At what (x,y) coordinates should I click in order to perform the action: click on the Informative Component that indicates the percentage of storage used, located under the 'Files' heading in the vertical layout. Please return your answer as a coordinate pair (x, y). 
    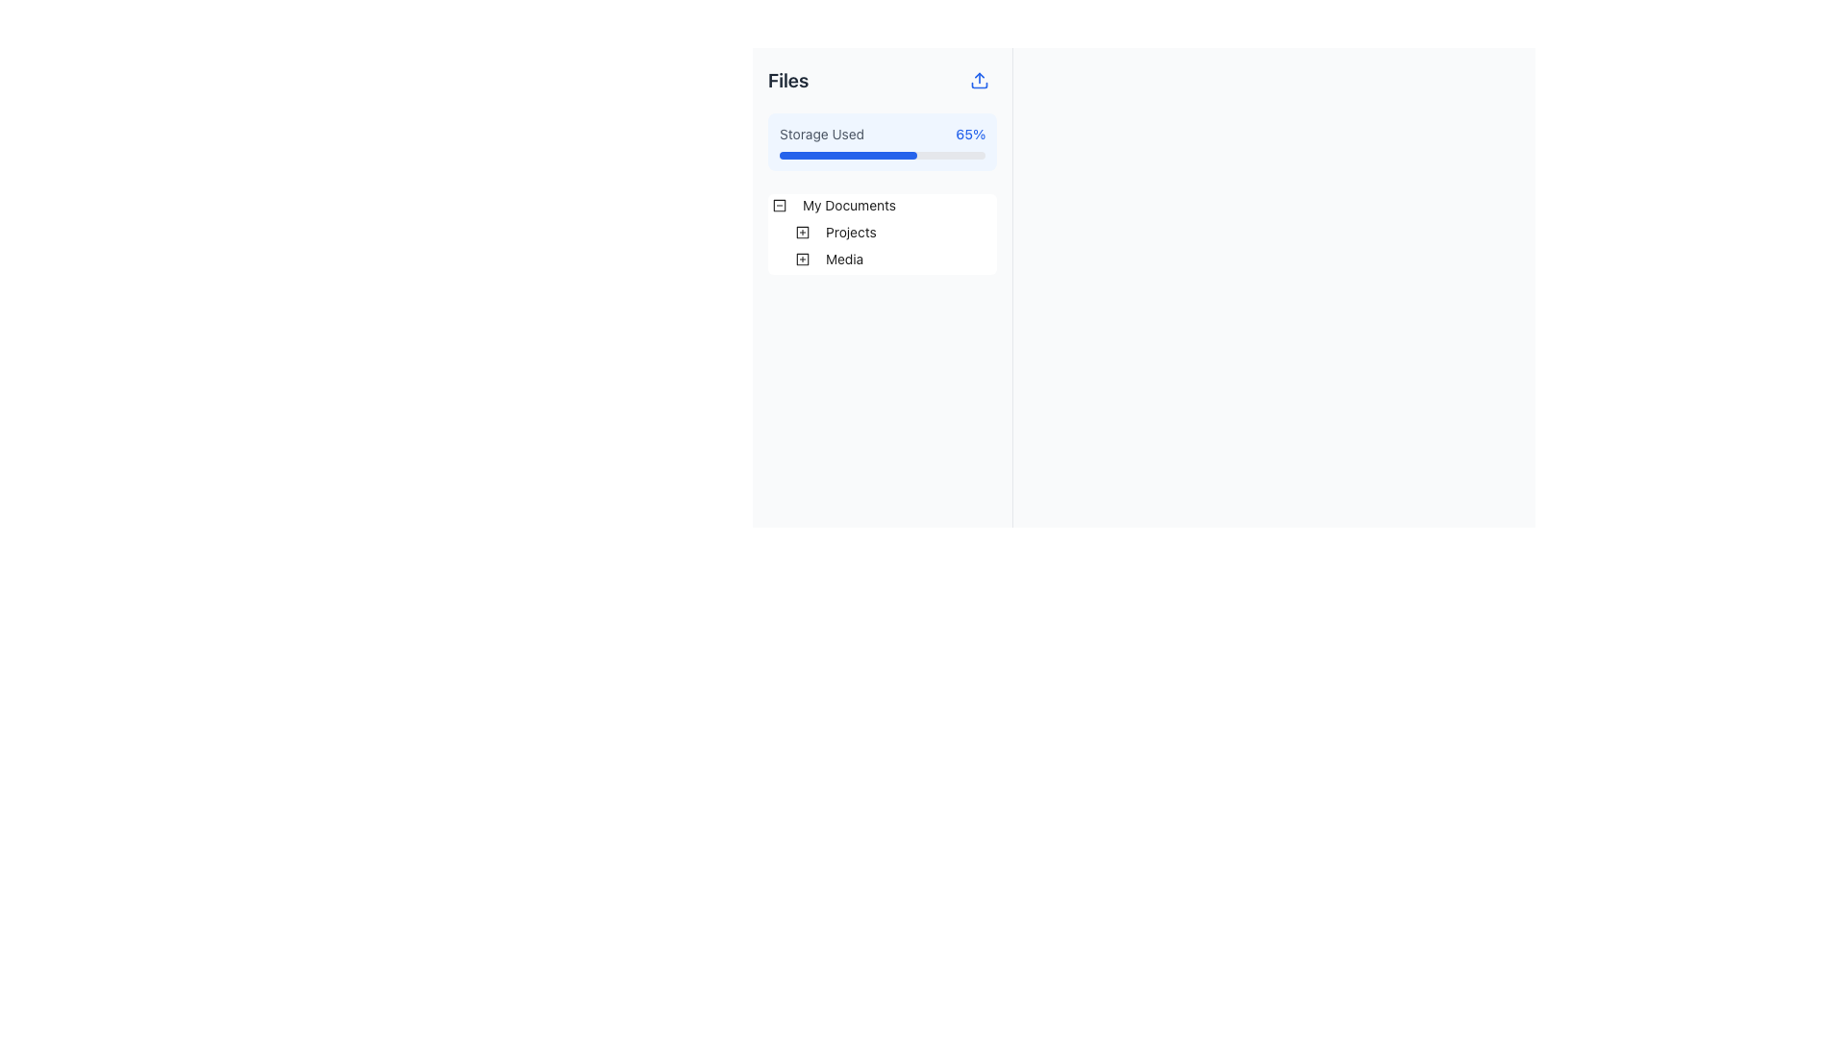
    Looking at the image, I should click on (882, 140).